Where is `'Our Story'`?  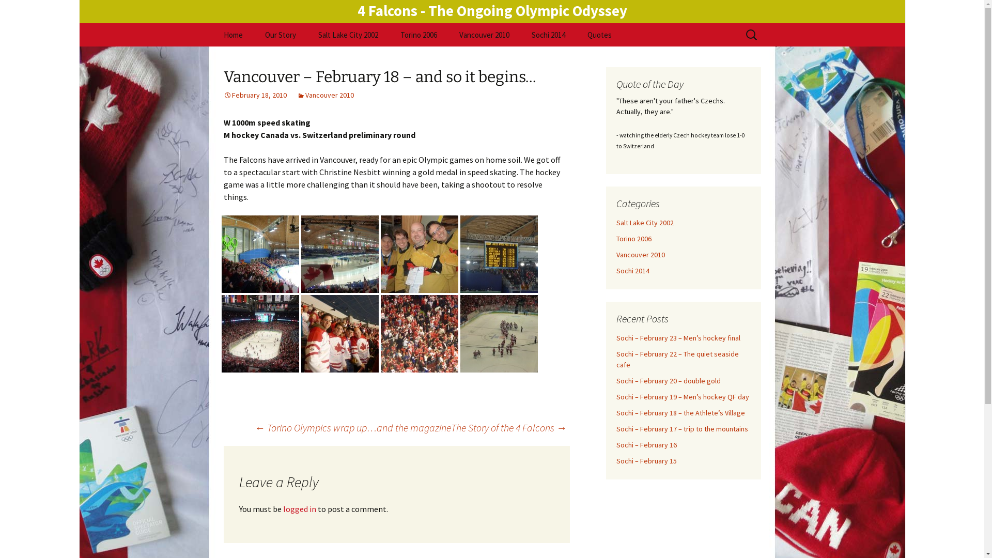
'Our Story' is located at coordinates (280, 34).